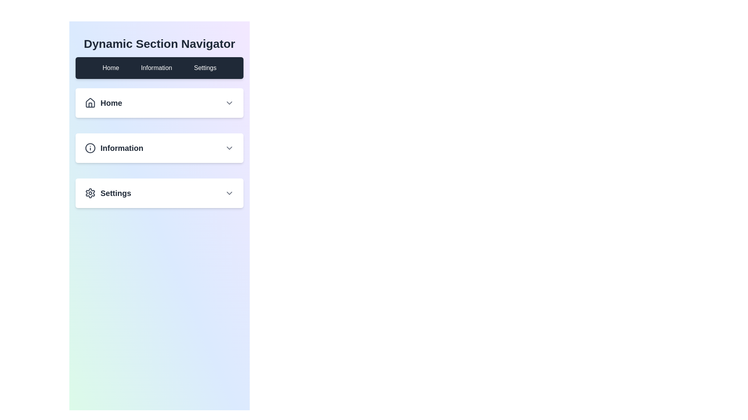  What do you see at coordinates (90, 105) in the screenshot?
I see `the 'Home' icon, which is the leftmost icon in the navigation interface and visually represents the 'Home' section` at bounding box center [90, 105].